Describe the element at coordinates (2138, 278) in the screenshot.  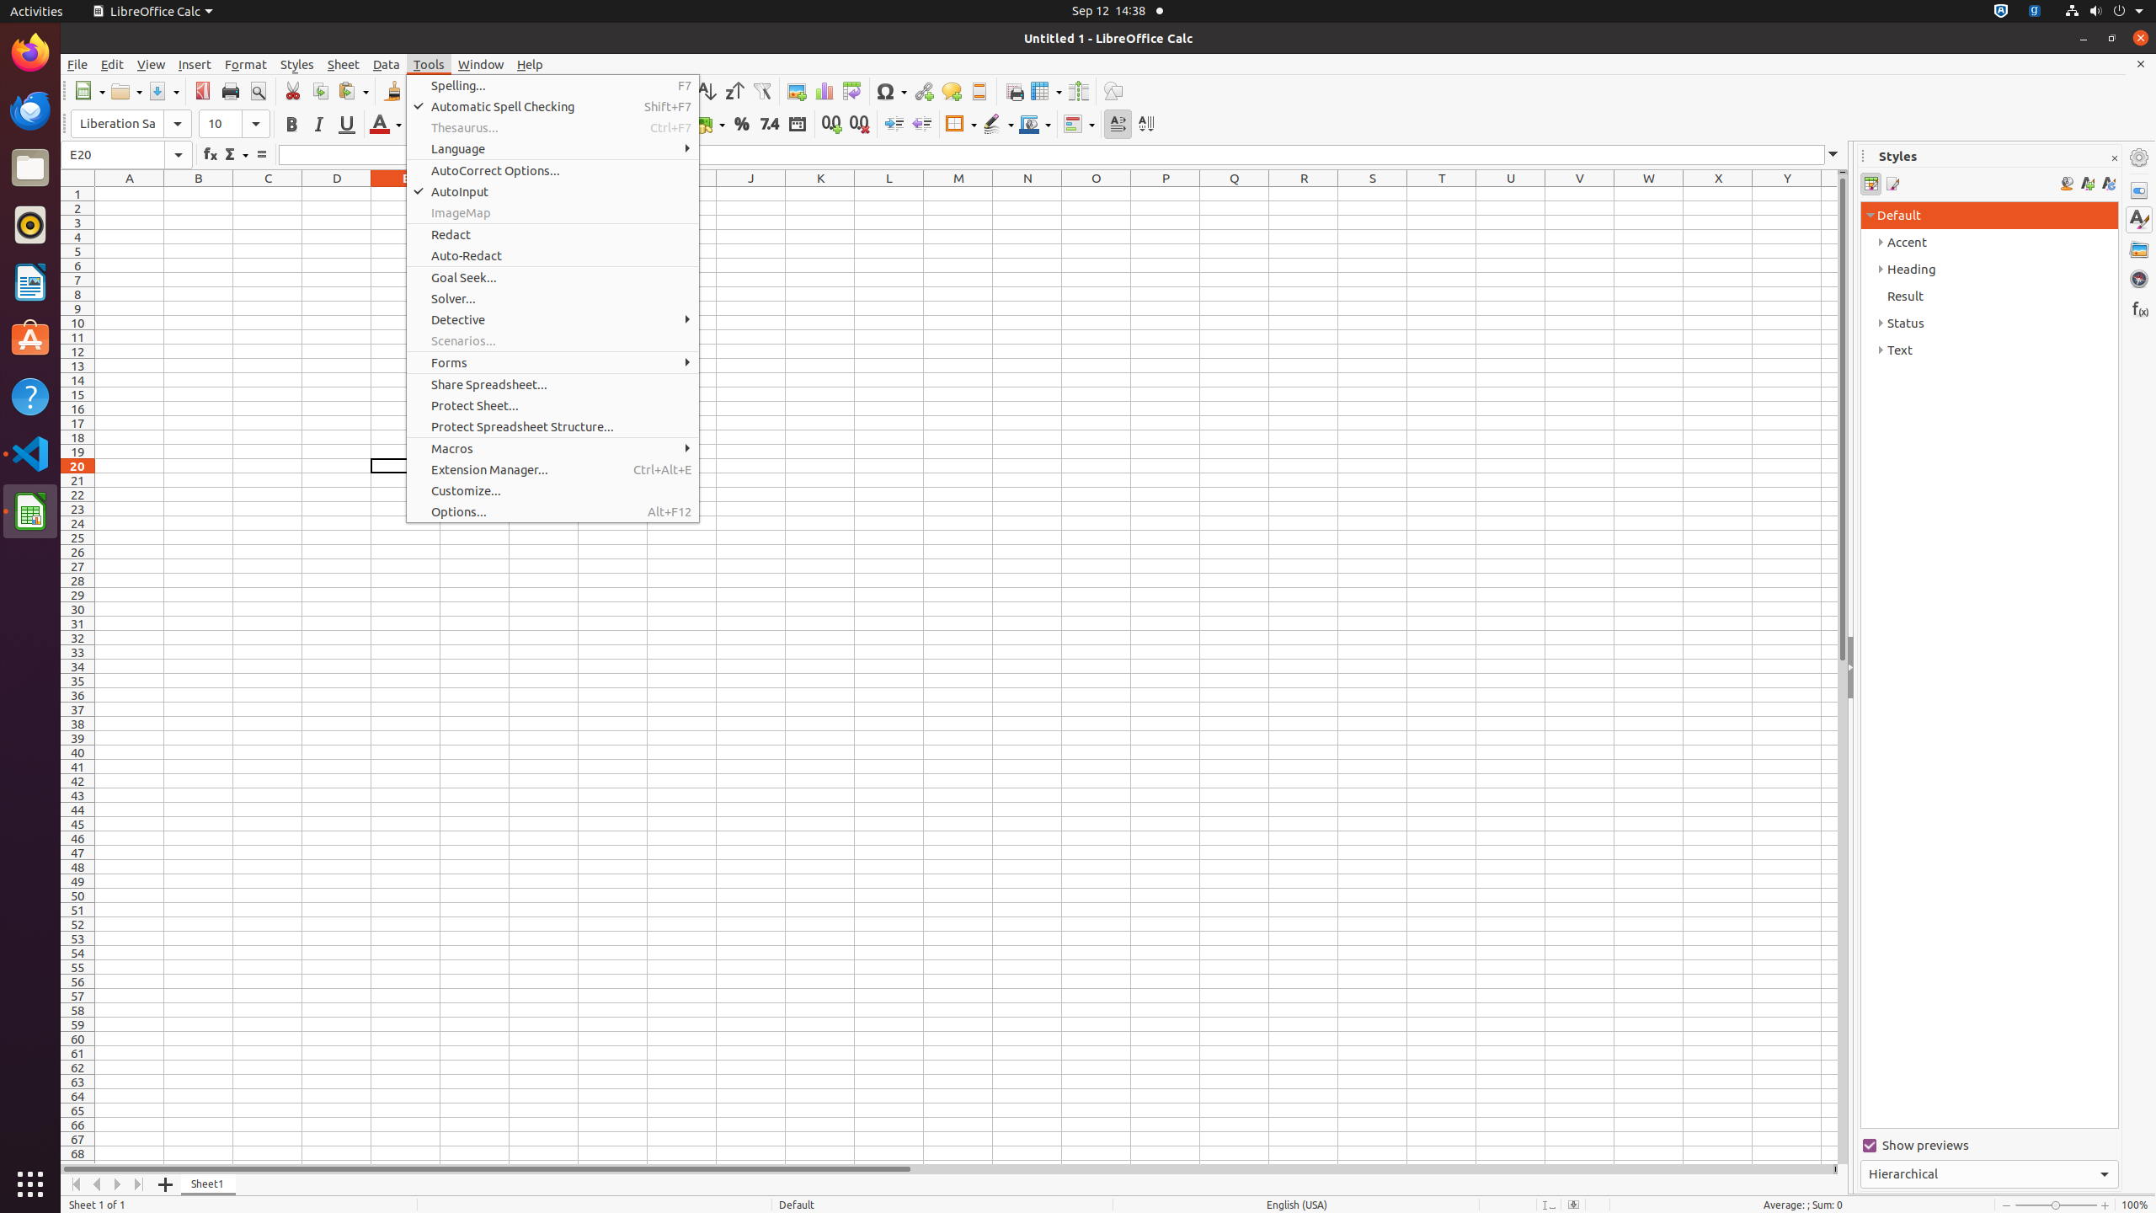
I see `'Navigator'` at that location.